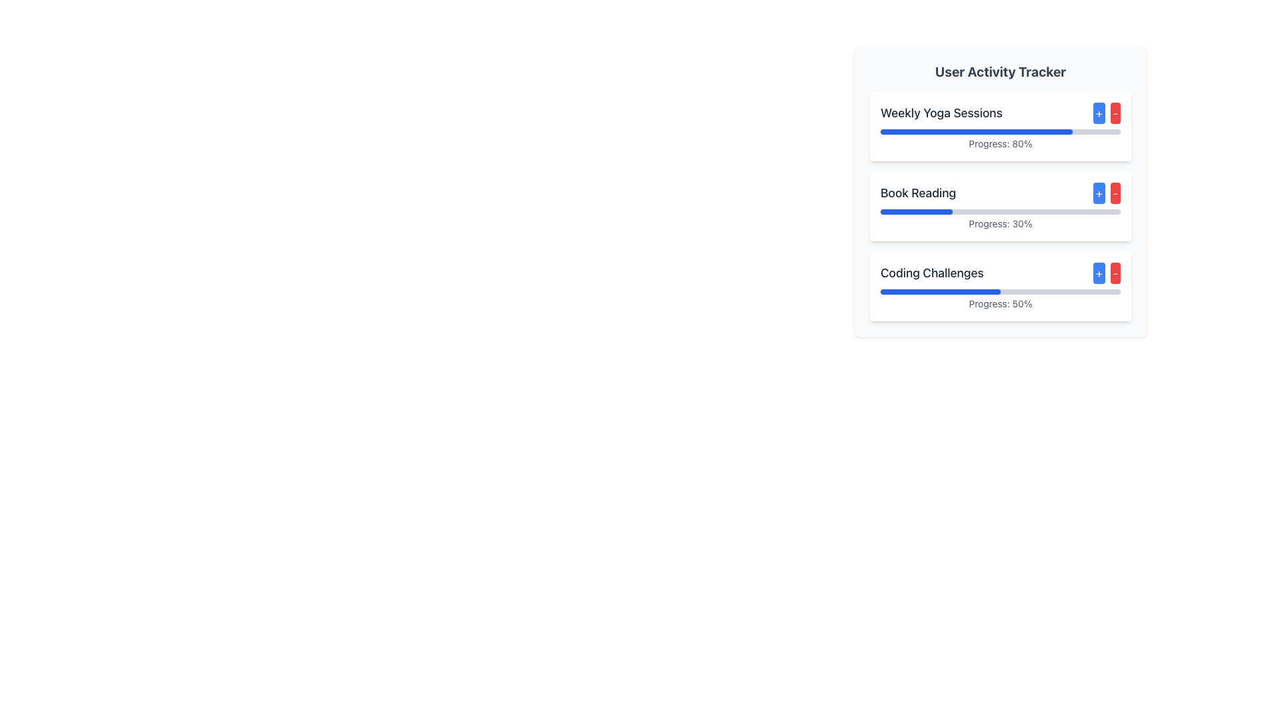 Image resolution: width=1280 pixels, height=720 pixels. I want to click on the small blue button with a plus symbol in the 'Coding Challenges' section of the 'User Activity Tracker' panel, so click(1099, 272).